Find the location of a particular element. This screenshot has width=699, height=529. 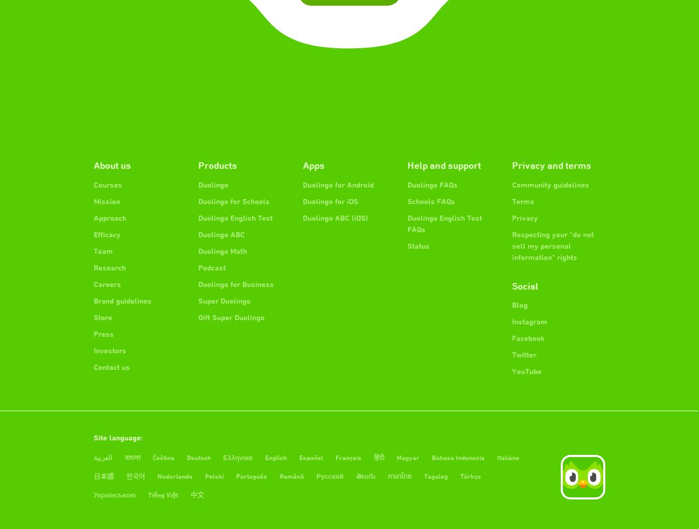

'Duolingo for Android' is located at coordinates (338, 184).